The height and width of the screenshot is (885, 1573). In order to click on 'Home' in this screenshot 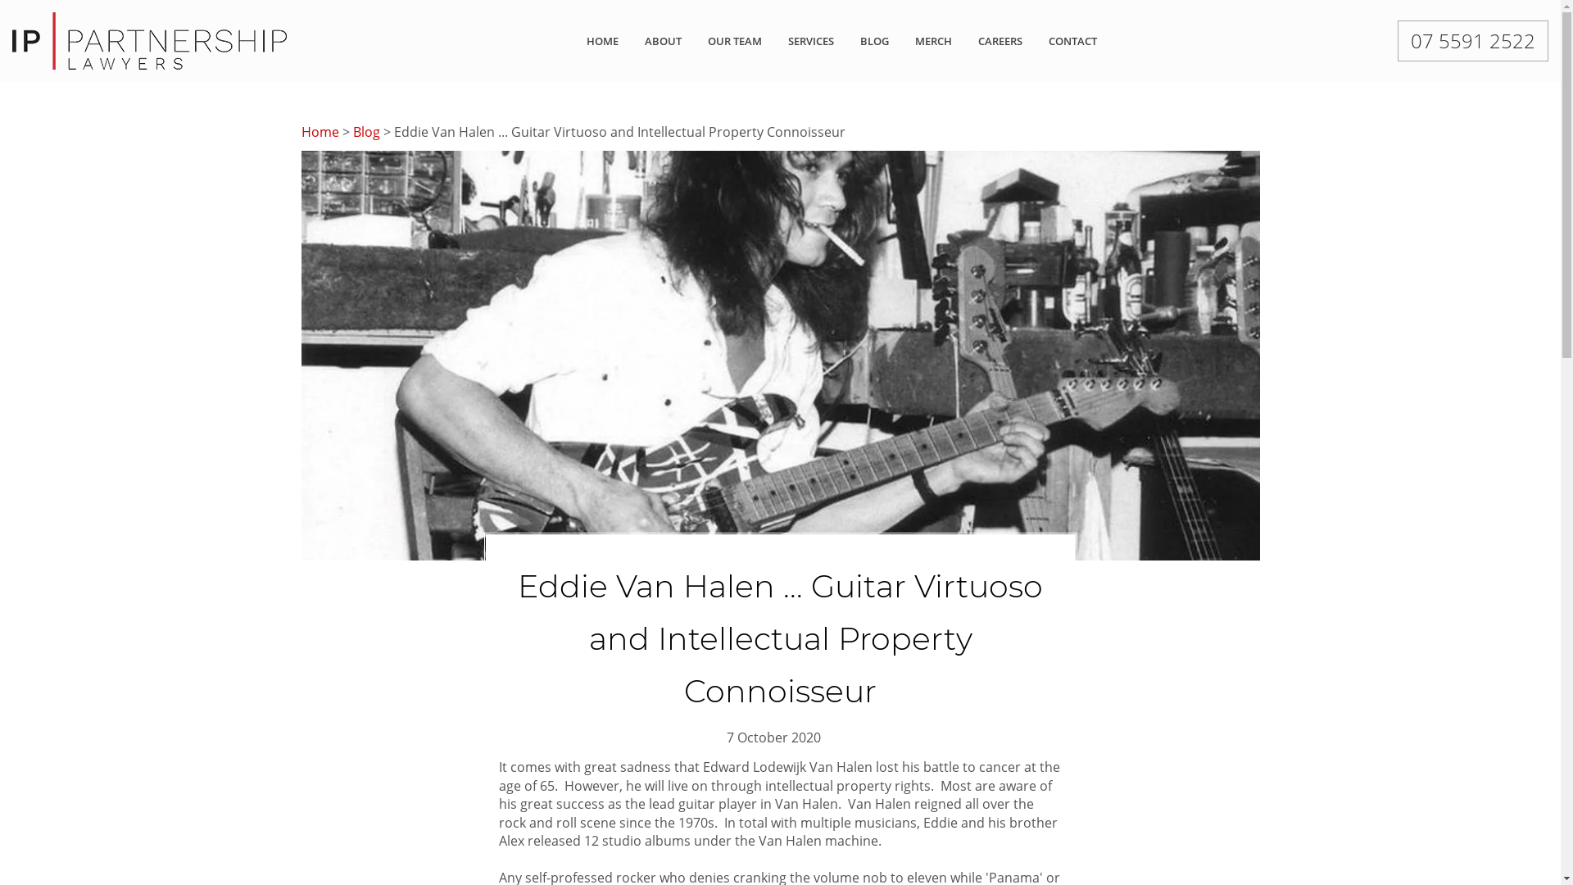, I will do `click(320, 131)`.